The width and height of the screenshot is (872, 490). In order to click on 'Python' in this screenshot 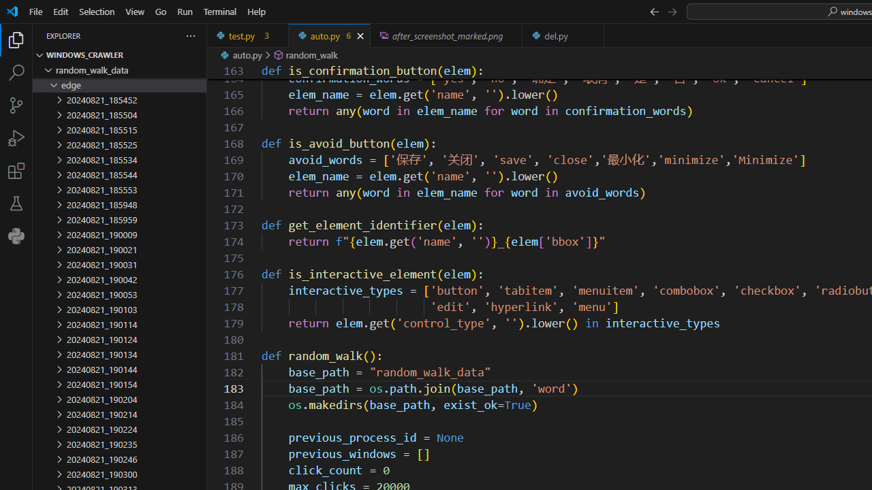, I will do `click(16, 235)`.